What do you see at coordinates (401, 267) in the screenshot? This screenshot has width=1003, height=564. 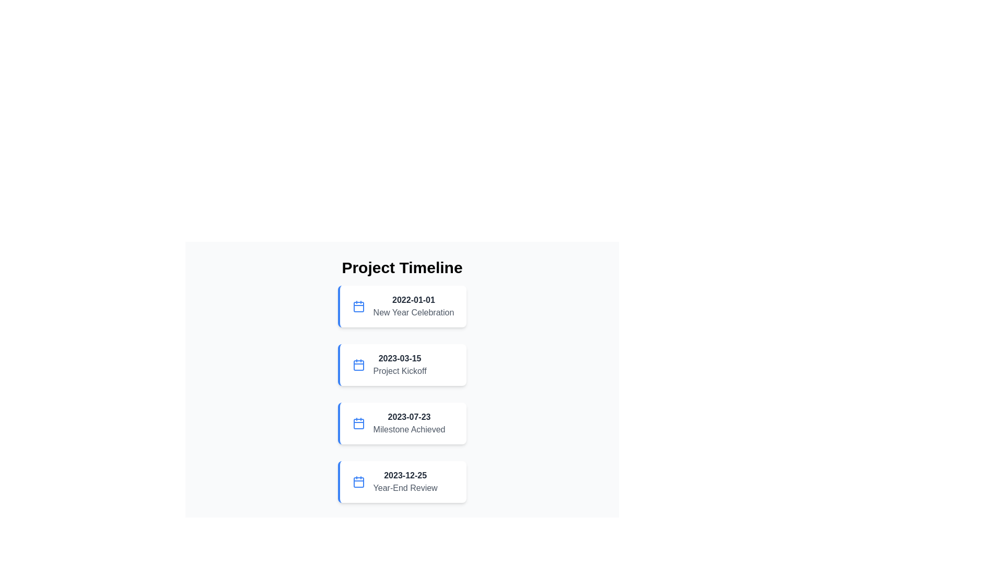 I see `the Text Header element at the top of the timeline section to indicate its purpose as a title for the content below` at bounding box center [401, 267].